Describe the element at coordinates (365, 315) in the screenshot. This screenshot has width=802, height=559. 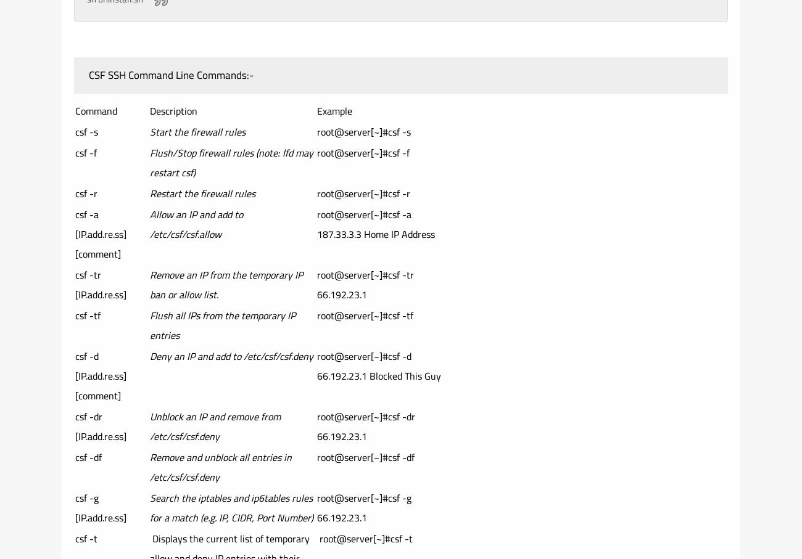
I see `'root@server[~]#csf -tf'` at that location.